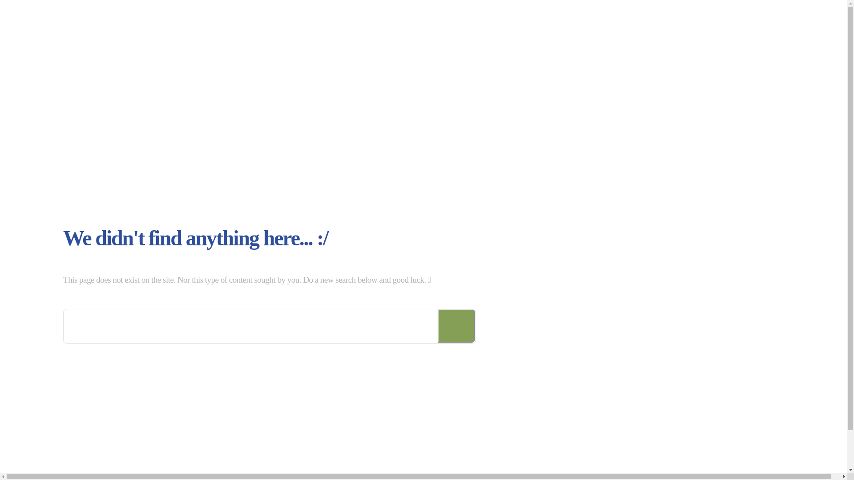 Image resolution: width=854 pixels, height=480 pixels. I want to click on 'Mail', so click(705, 468).